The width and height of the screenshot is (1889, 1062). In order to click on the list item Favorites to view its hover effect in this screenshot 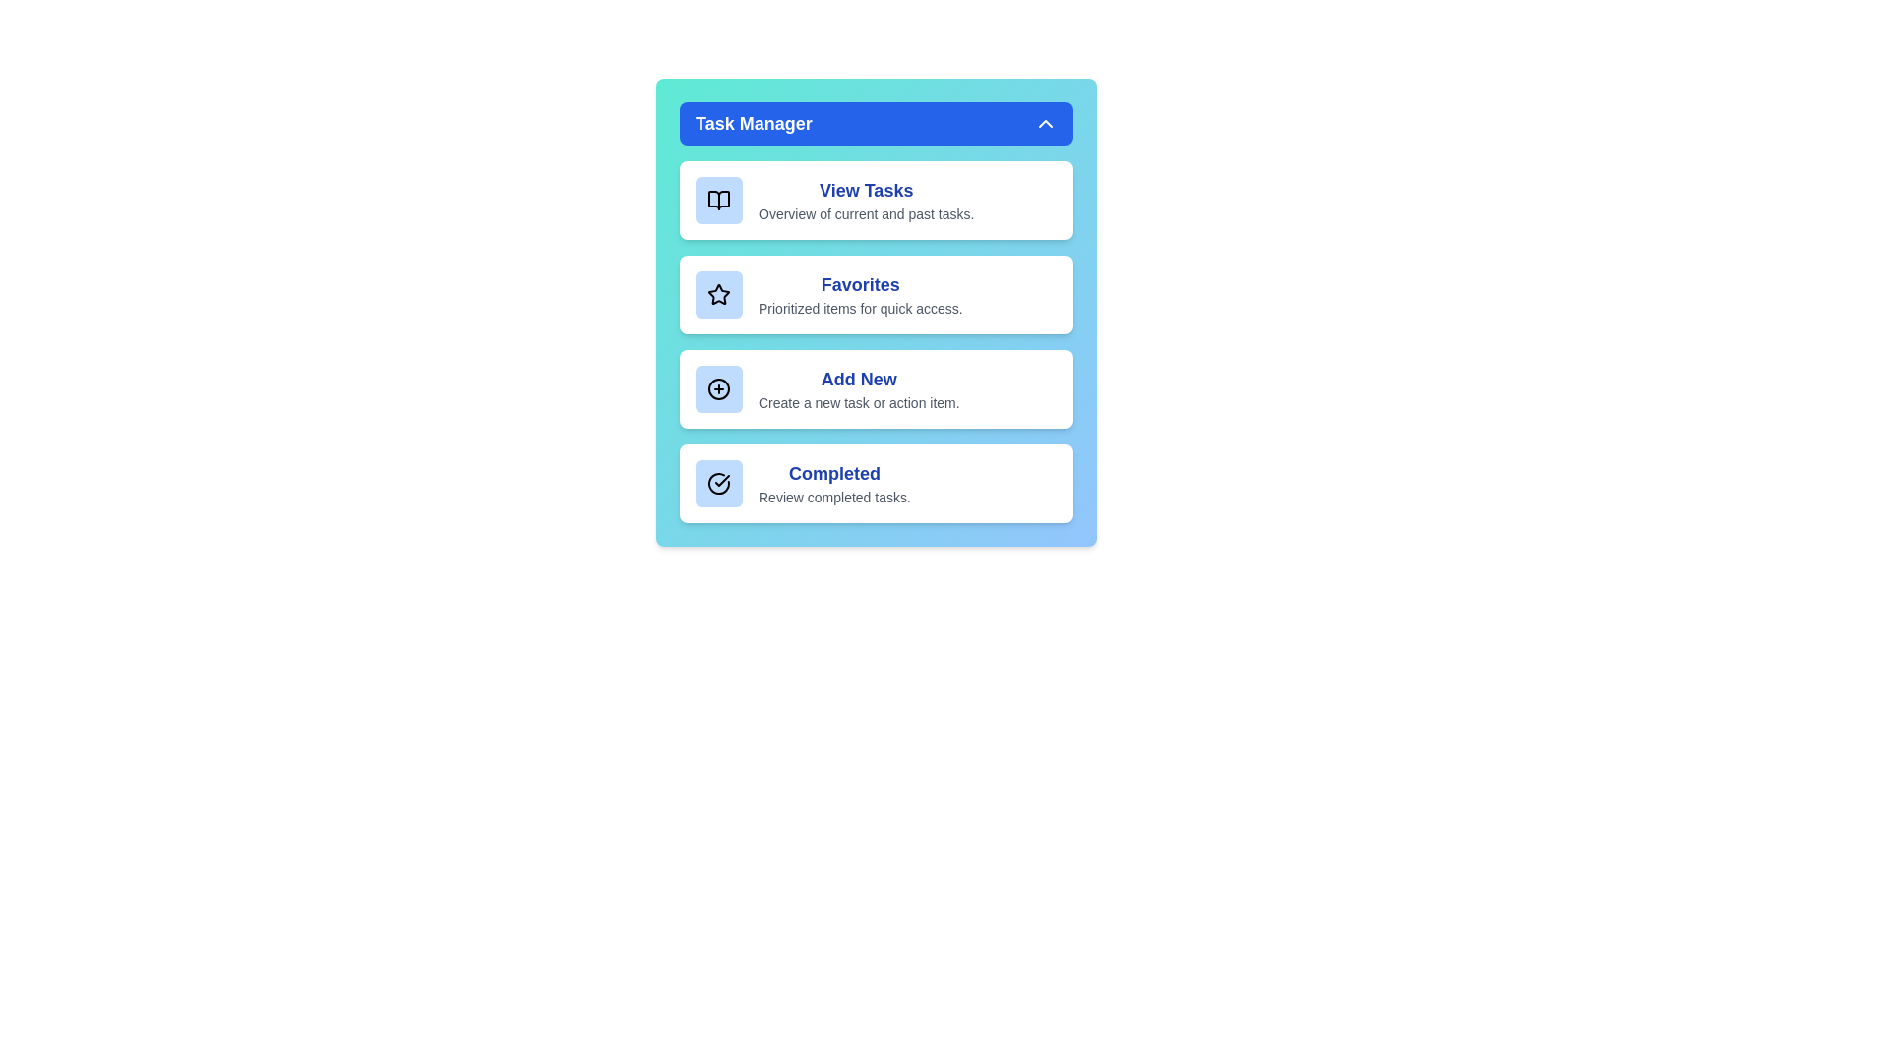, I will do `click(876, 295)`.